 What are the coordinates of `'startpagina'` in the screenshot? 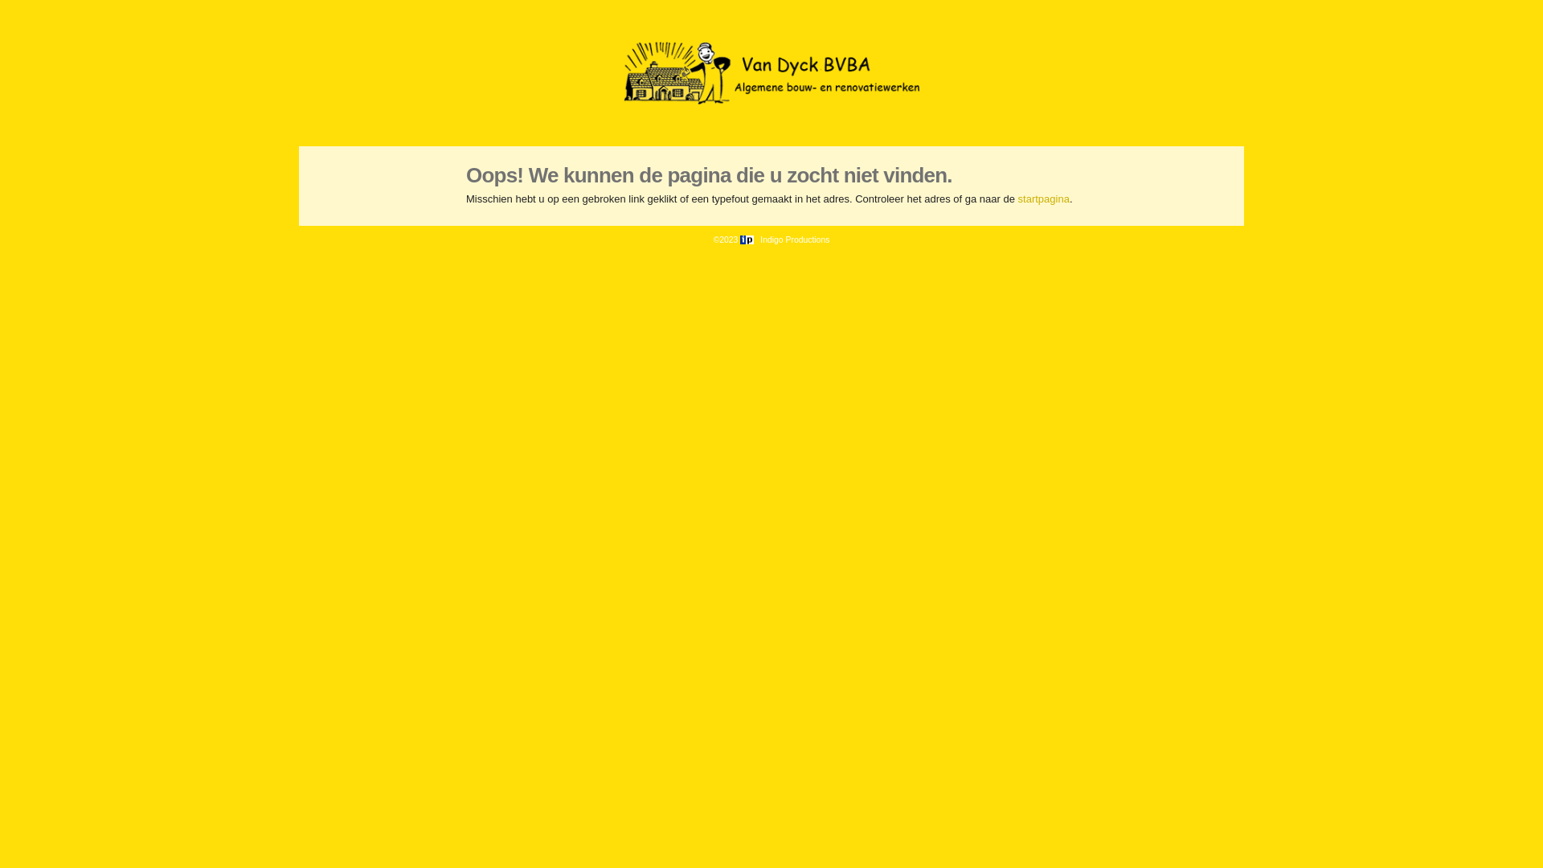 It's located at (1044, 198).